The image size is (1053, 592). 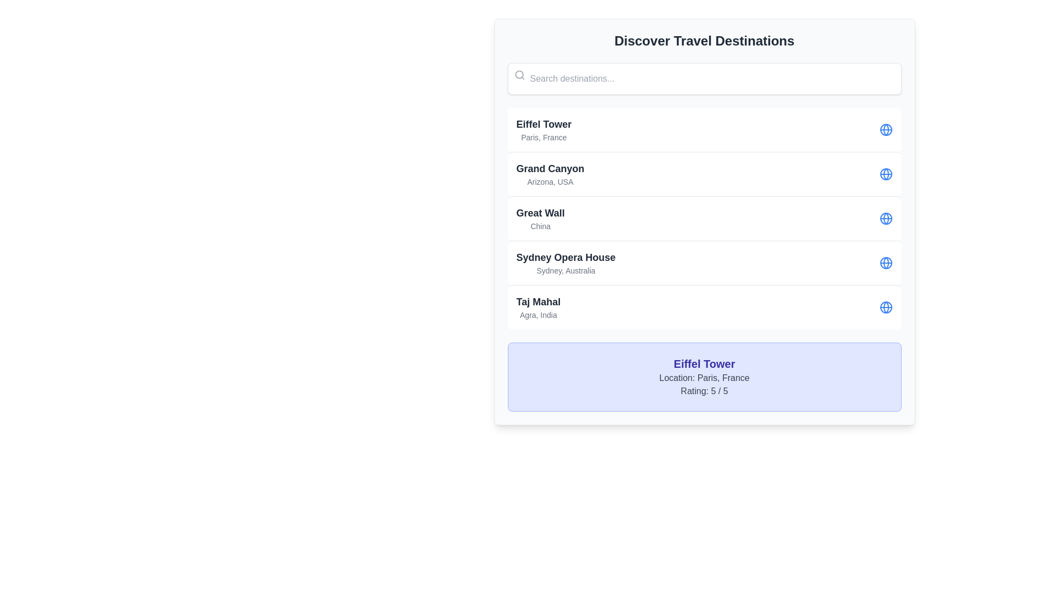 I want to click on the text label displaying 'Arizona, USA', so click(x=550, y=181).